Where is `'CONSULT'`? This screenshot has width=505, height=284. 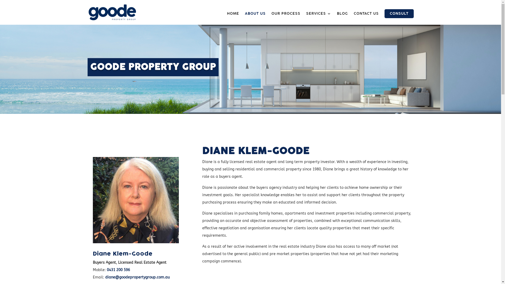 'CONSULT' is located at coordinates (399, 13).